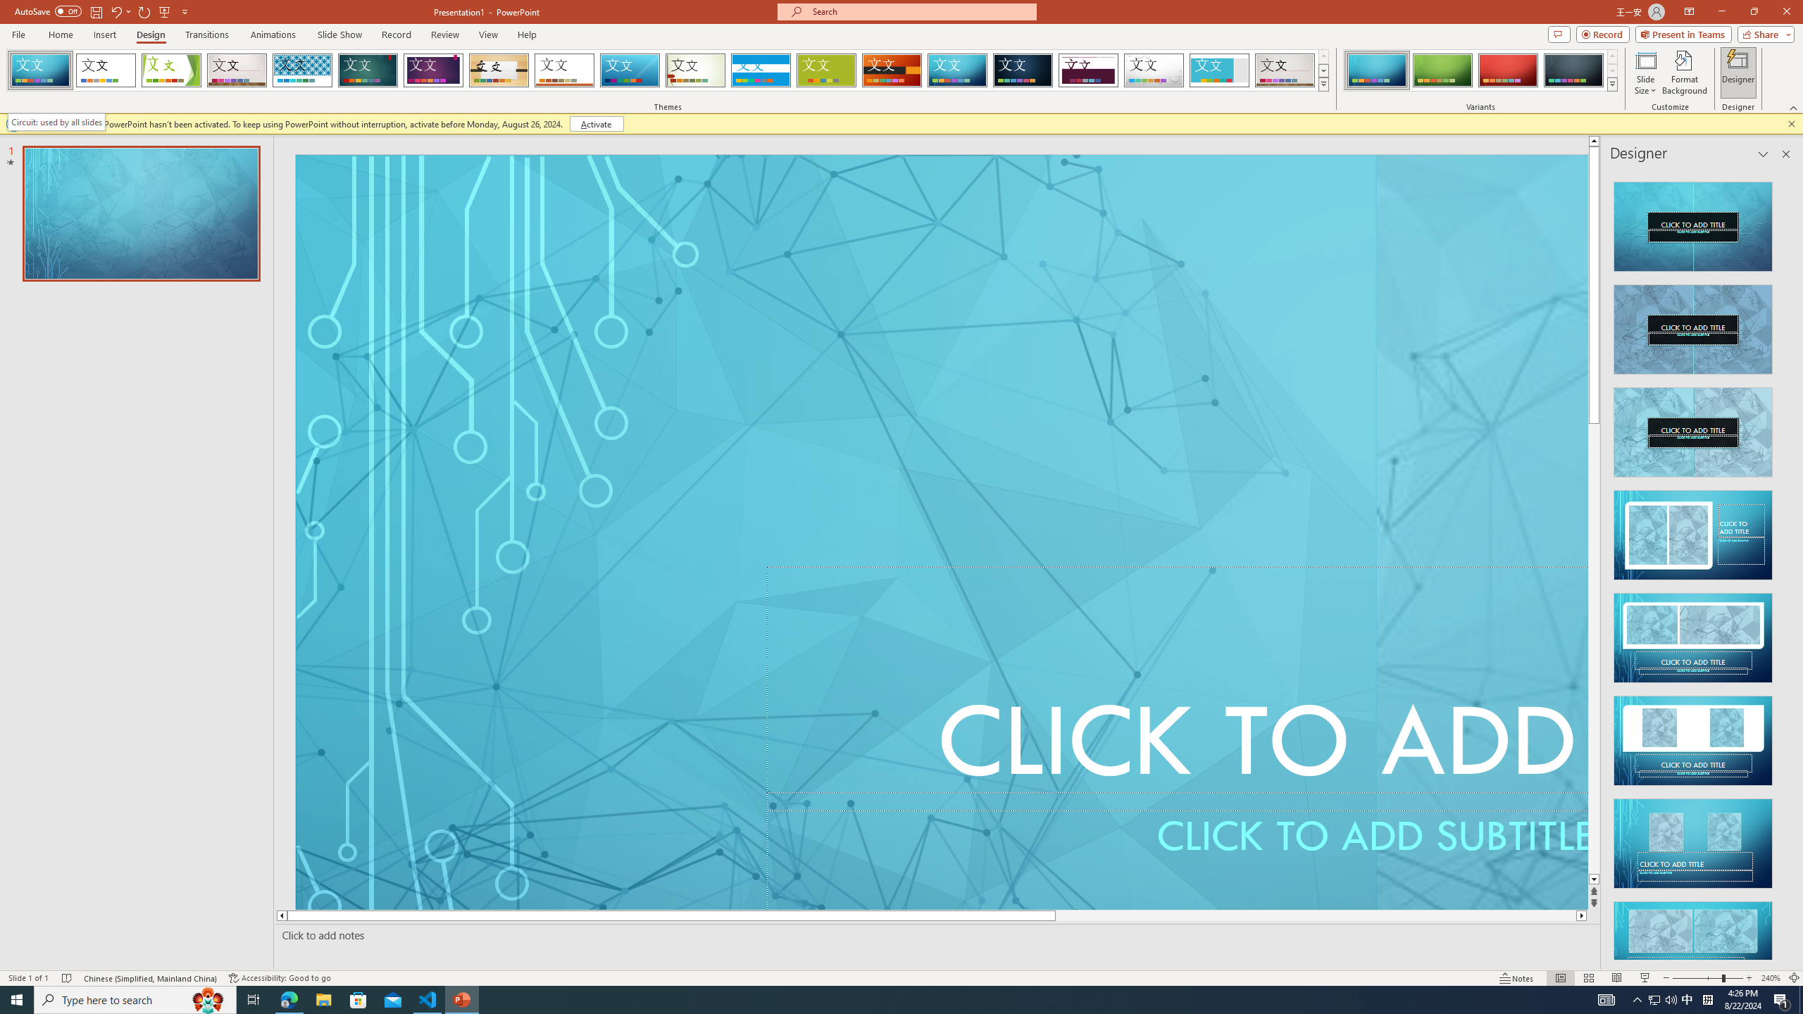  What do you see at coordinates (667, 70) in the screenshot?
I see `'AutomationID: SlideThemesGallery'` at bounding box center [667, 70].